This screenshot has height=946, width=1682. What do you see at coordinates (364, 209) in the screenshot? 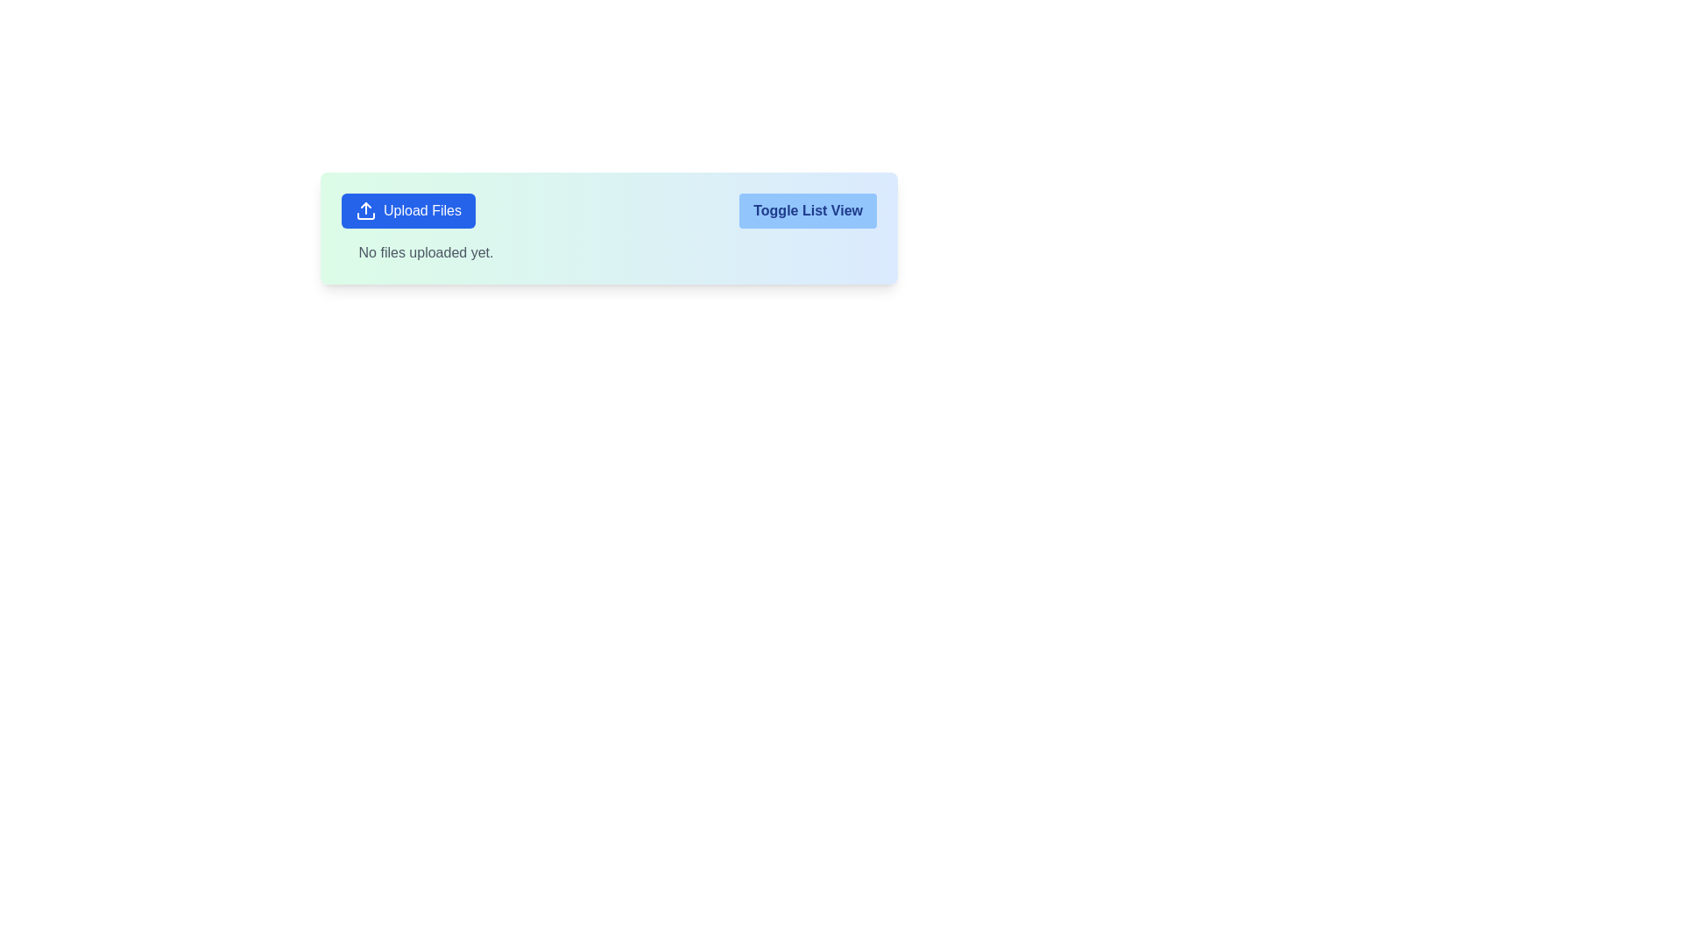
I see `the 'Upload Files' button icon, which is located on the leftmost side of the button labeled 'Upload Files' in the upper-left area of a card component` at bounding box center [364, 209].